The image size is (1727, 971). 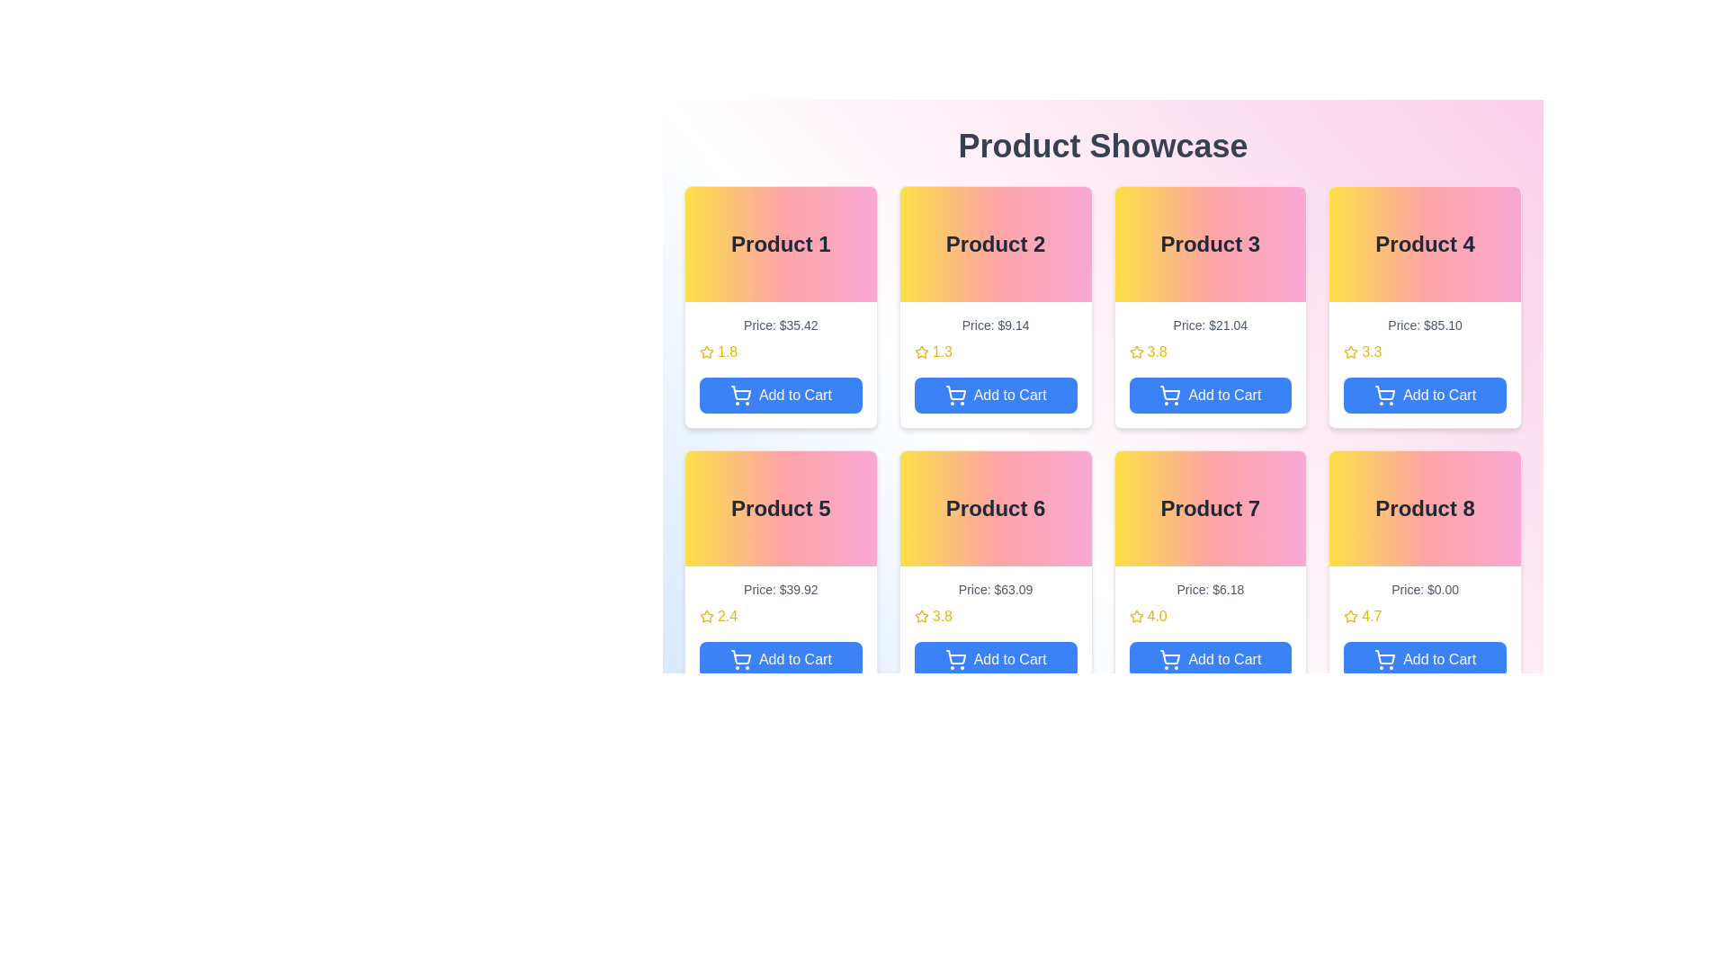 I want to click on the shopping cart icon located within the 'Add to Cart' button under the 'Product 5' card, so click(x=741, y=657).